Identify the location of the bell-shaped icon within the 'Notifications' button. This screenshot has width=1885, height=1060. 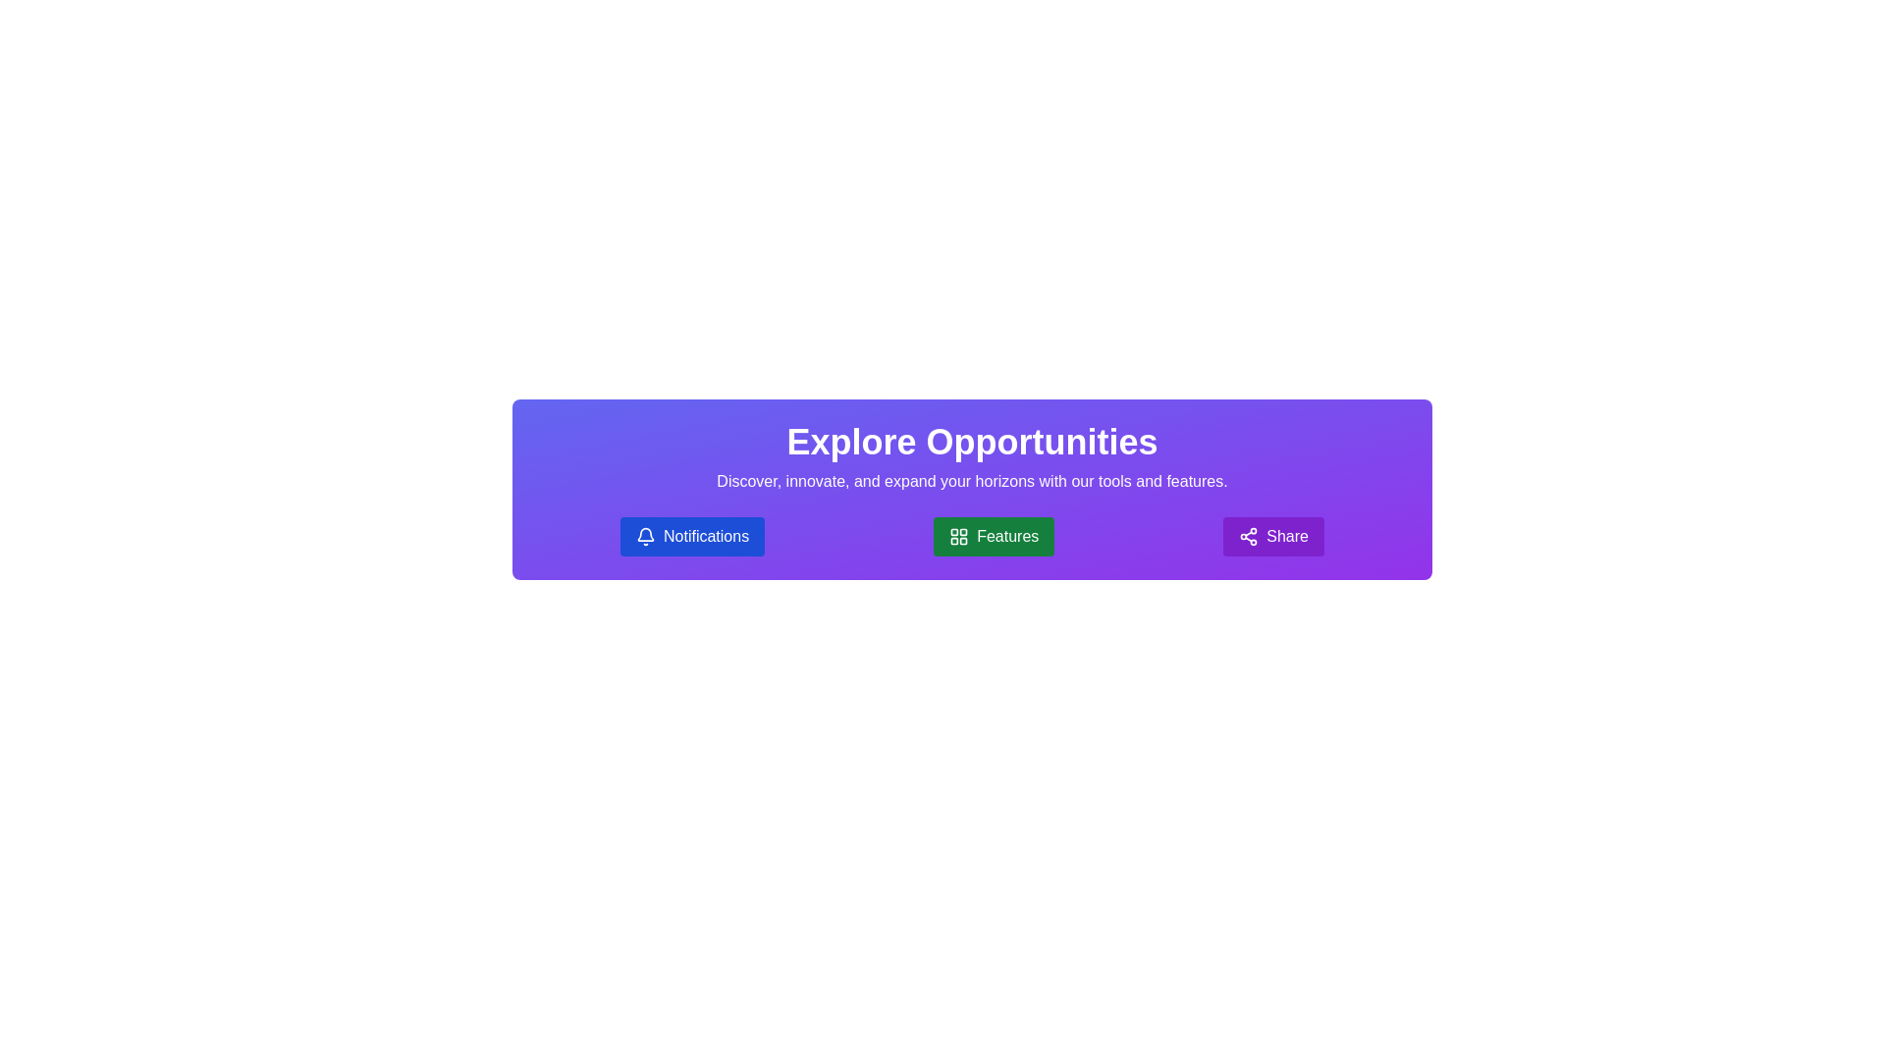
(645, 537).